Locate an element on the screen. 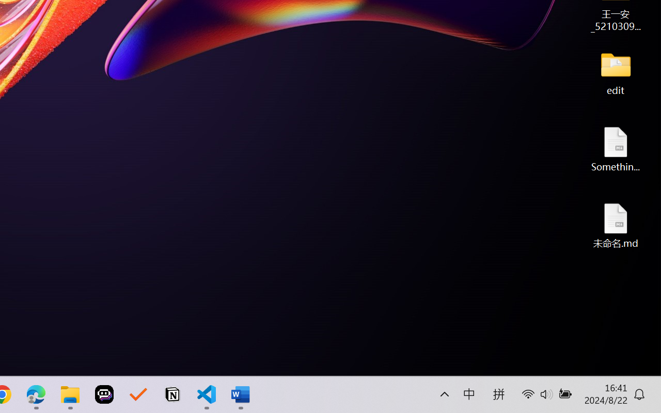 The image size is (661, 413). 'edit' is located at coordinates (616, 72).